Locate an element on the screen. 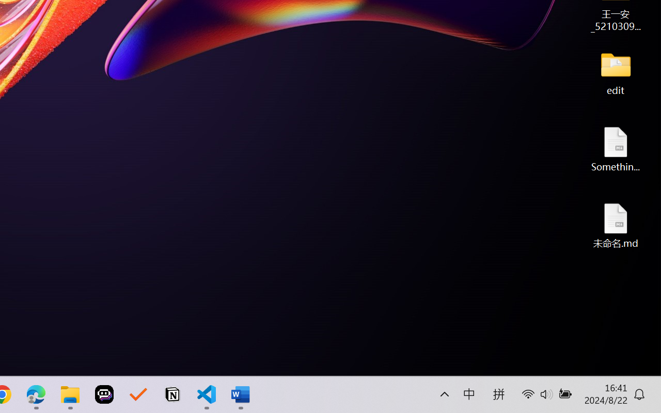 The image size is (661, 413). 'edit' is located at coordinates (616, 72).